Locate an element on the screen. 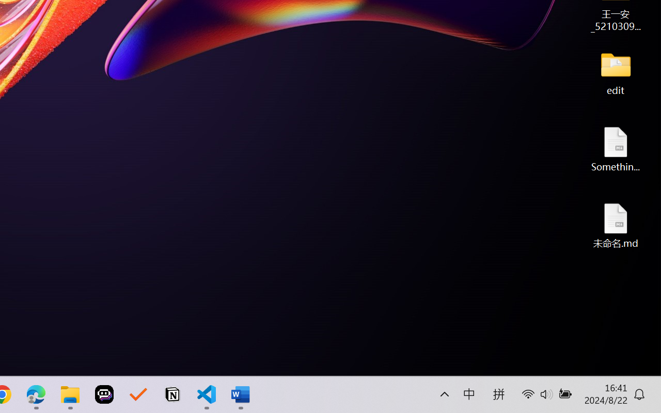 The image size is (661, 413). 'edit' is located at coordinates (616, 72).